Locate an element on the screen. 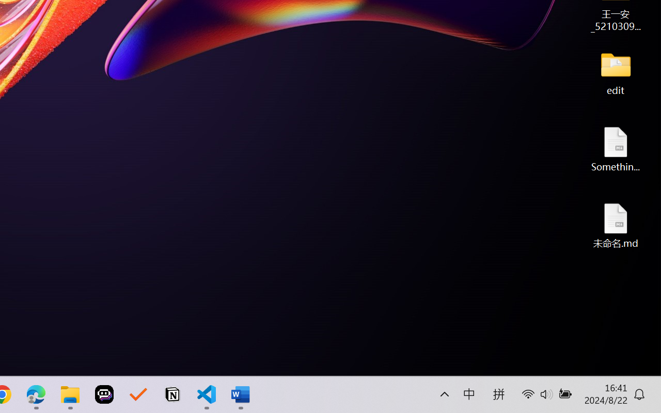 The image size is (661, 413). 'edit' is located at coordinates (616, 72).